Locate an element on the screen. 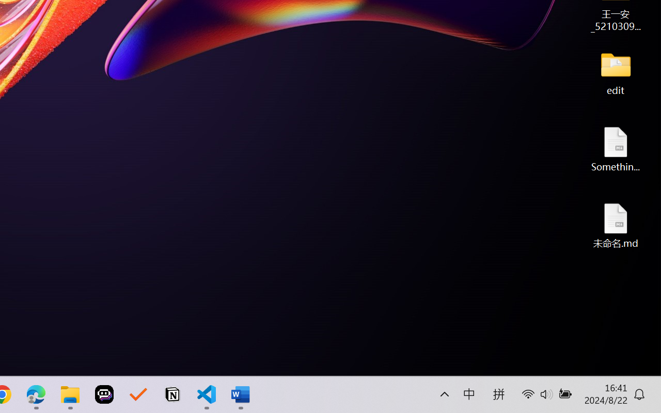 The image size is (661, 413). 'edit' is located at coordinates (616, 72).